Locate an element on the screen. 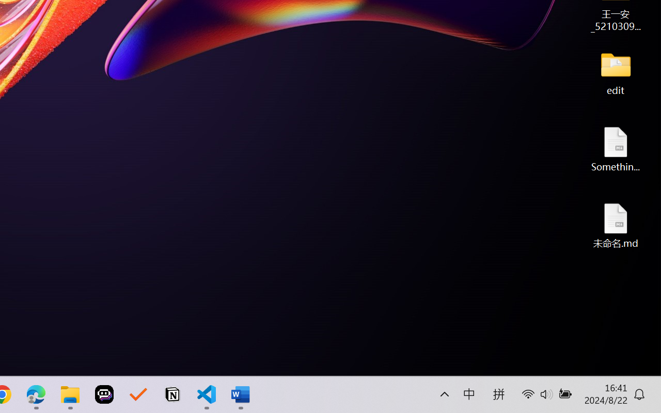 The image size is (661, 413). 'edit' is located at coordinates (616, 72).